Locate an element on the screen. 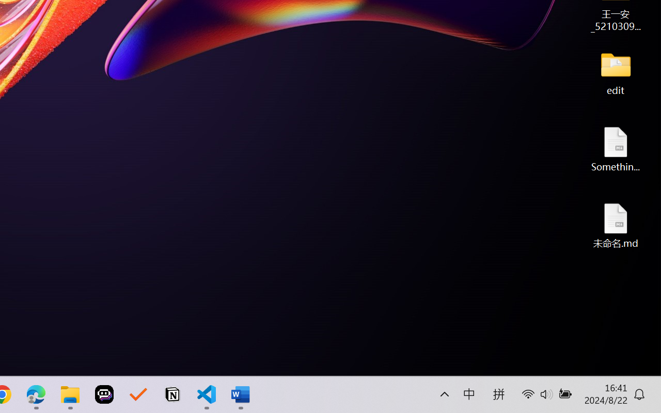 The image size is (661, 413). 'edit' is located at coordinates (616, 72).